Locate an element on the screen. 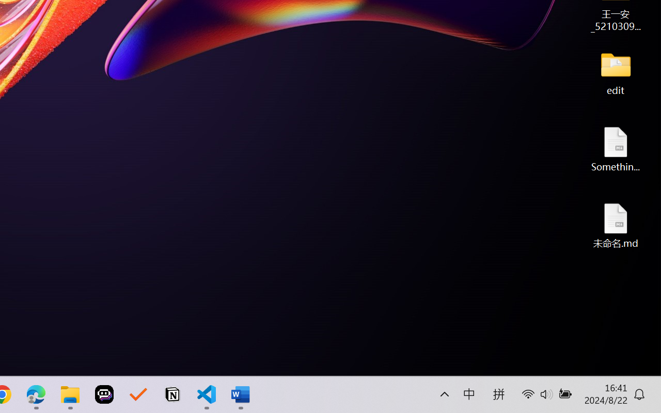 The image size is (661, 413). 'edit' is located at coordinates (616, 72).